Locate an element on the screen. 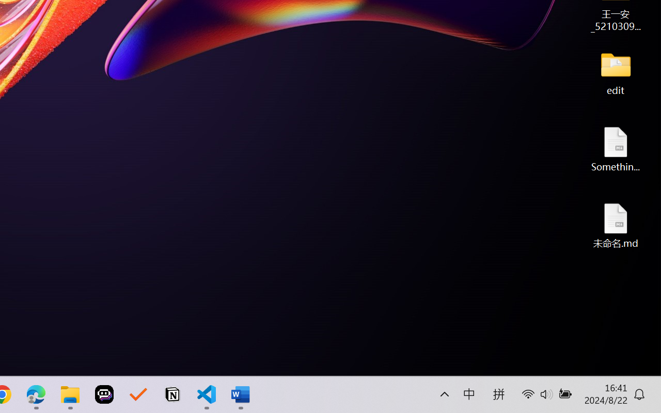 The image size is (661, 413). 'edit' is located at coordinates (616, 72).